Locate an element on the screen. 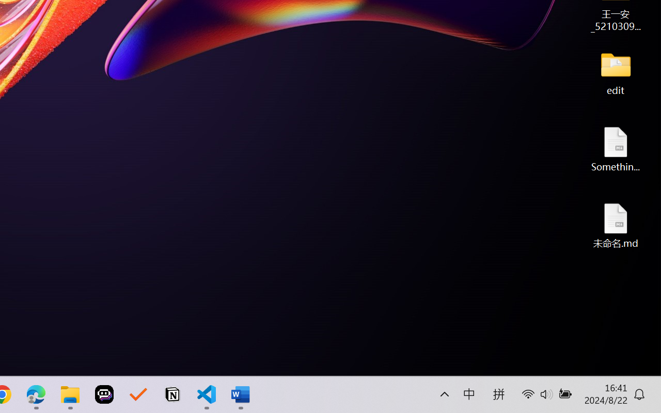 The image size is (661, 413). 'edit' is located at coordinates (616, 72).